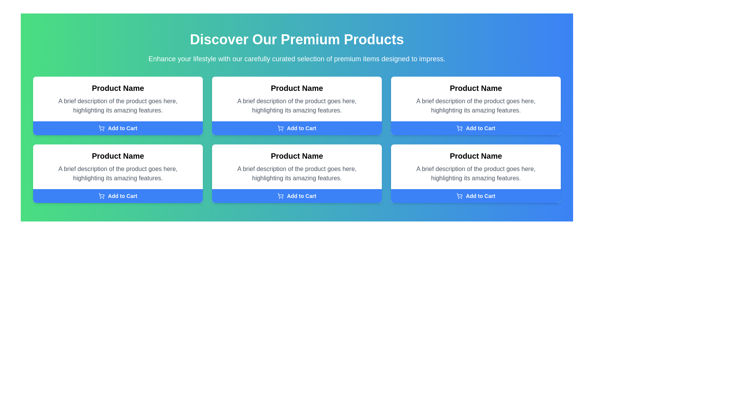 The image size is (739, 416). Describe the element at coordinates (280, 196) in the screenshot. I see `the shopping cart icon located within a blue button area to the left of the 'Add to Cart' text on the product description card` at that location.